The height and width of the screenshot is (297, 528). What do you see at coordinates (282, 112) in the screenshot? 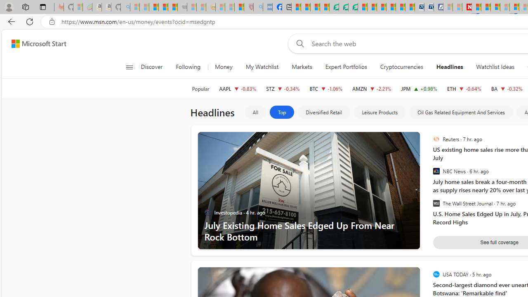
I see `'Top'` at bounding box center [282, 112].